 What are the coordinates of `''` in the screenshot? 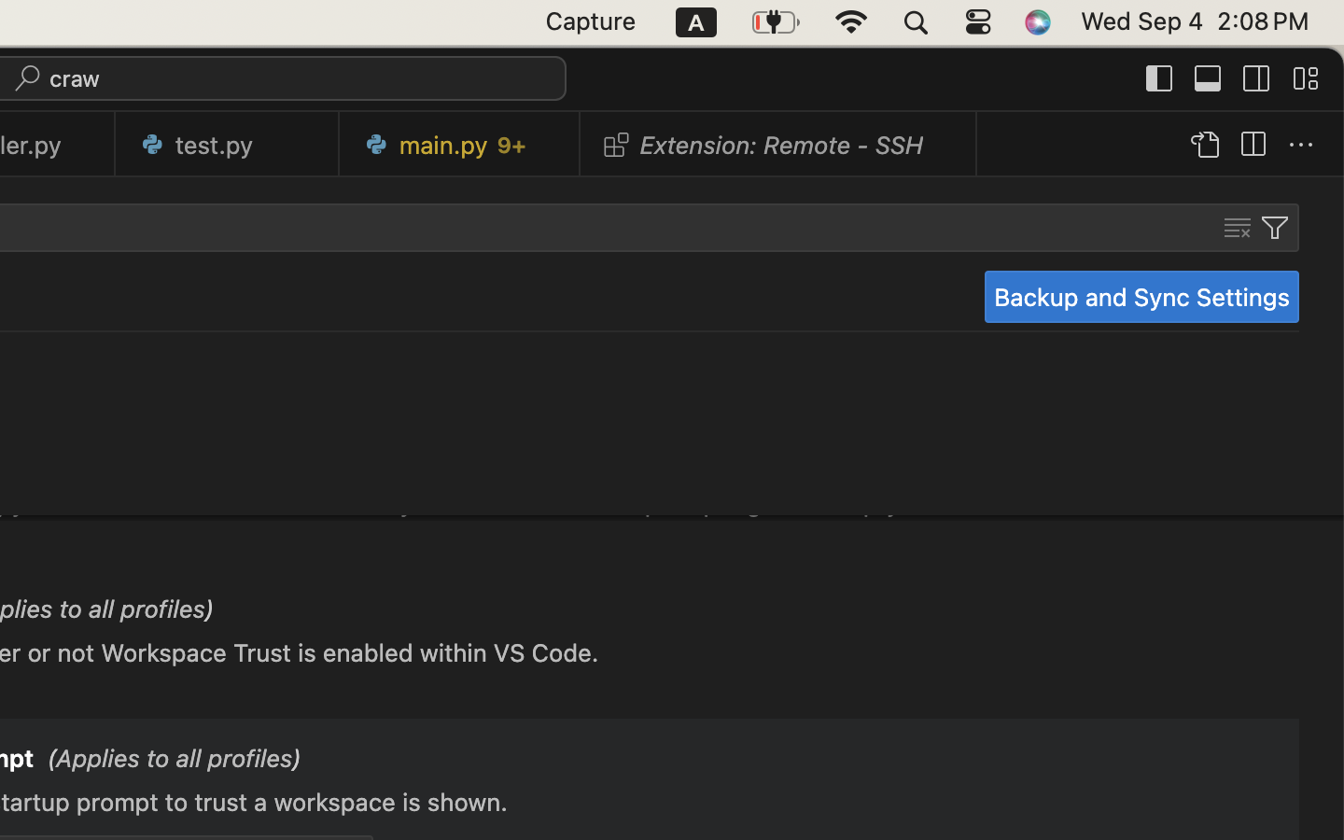 It's located at (1208, 77).